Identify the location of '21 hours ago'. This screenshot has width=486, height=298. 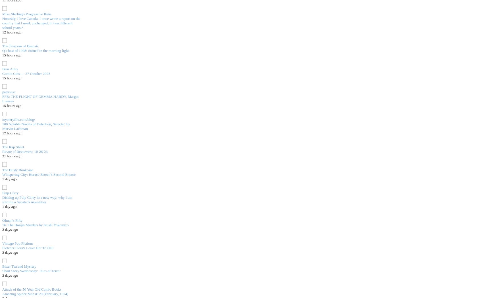
(11, 155).